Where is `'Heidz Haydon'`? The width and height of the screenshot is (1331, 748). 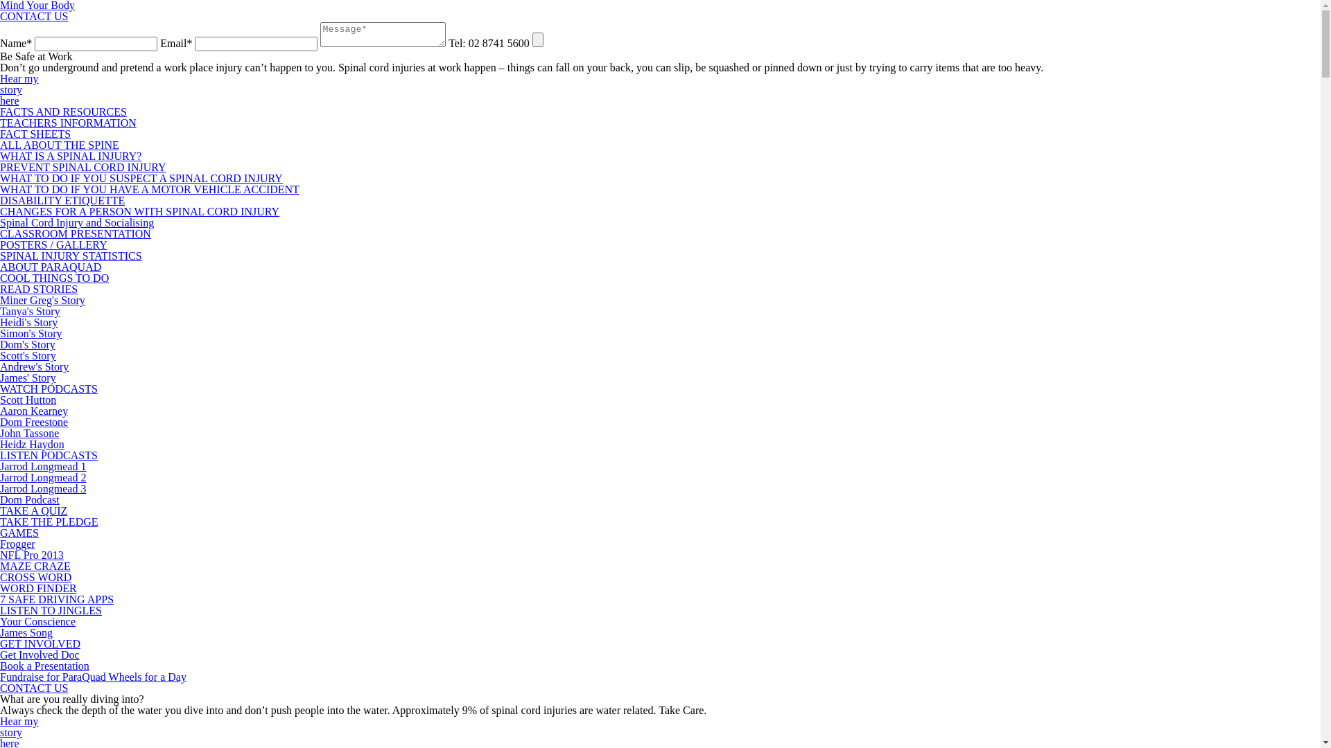
'Heidz Haydon' is located at coordinates (32, 444).